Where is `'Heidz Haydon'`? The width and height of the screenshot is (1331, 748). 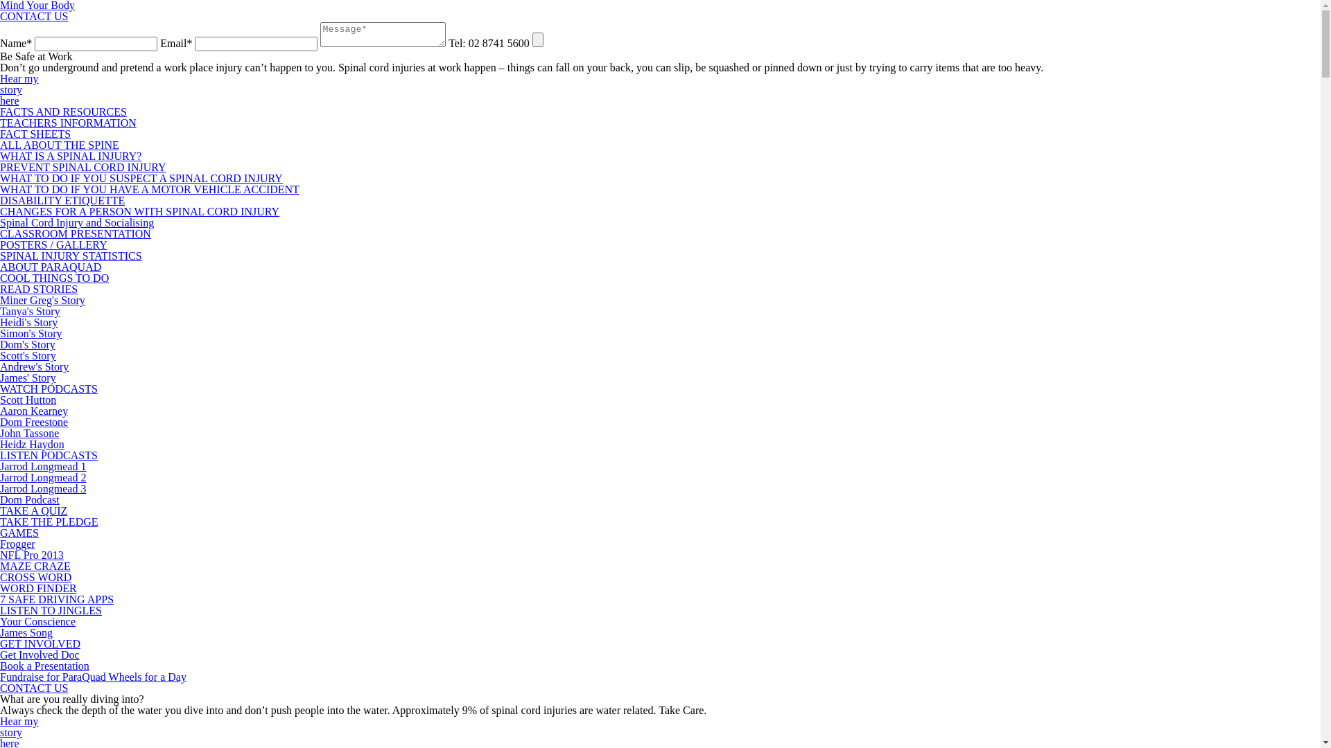
'Heidz Haydon' is located at coordinates (32, 444).